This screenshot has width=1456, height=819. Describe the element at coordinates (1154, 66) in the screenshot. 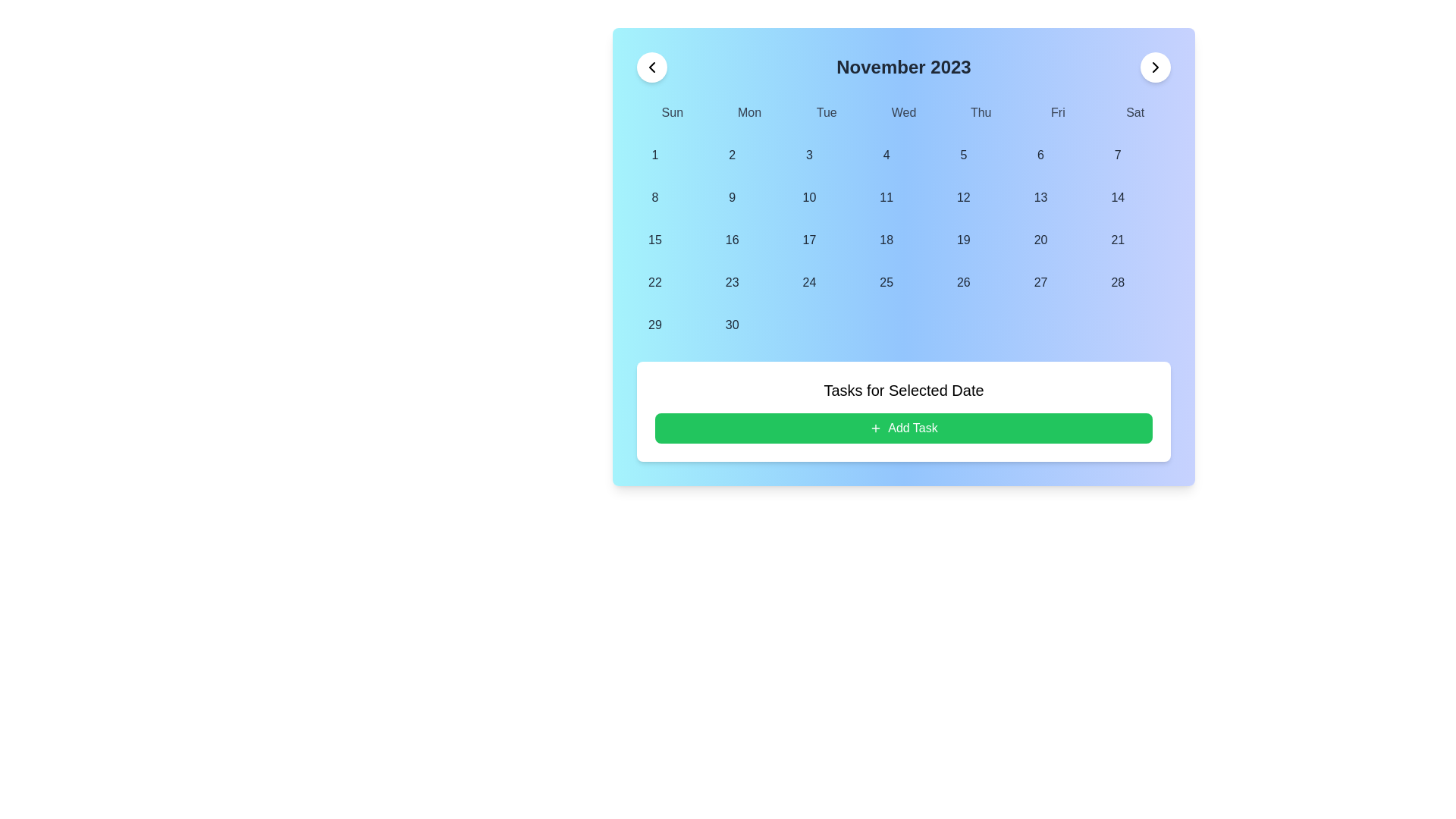

I see `the rightward arrow icon within the circular button at the top-right corner of the calendar interface` at that location.